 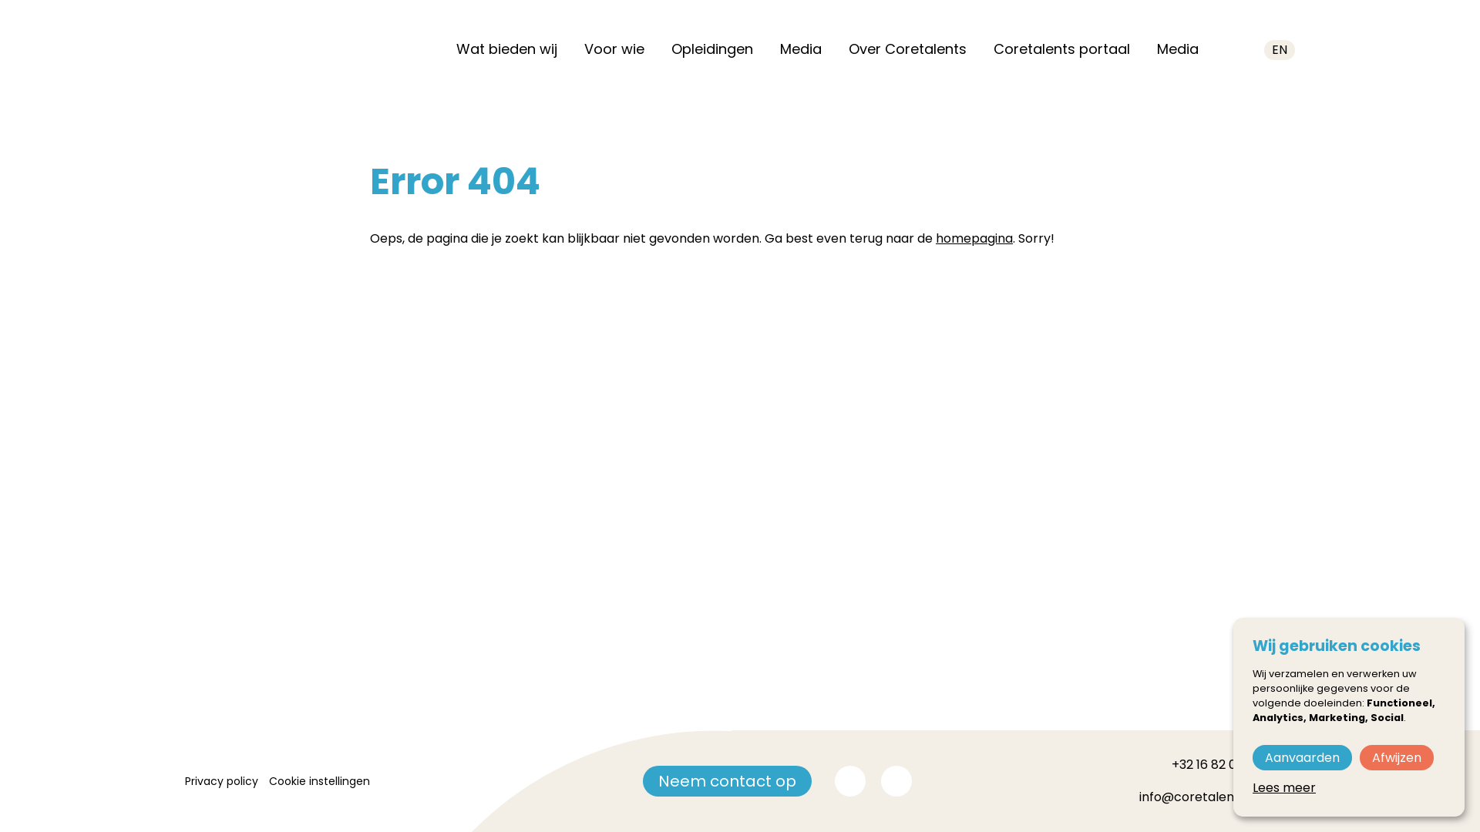 I want to click on 'Aanvaarden', so click(x=1301, y=757).